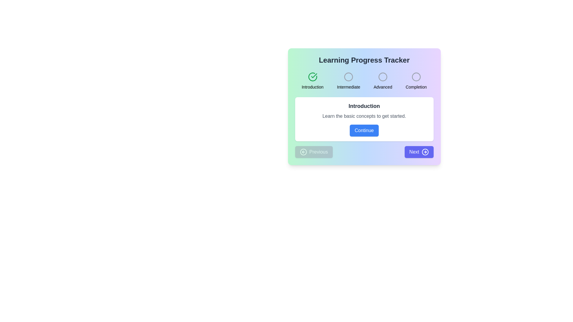 This screenshot has width=573, height=322. Describe the element at coordinates (416, 87) in the screenshot. I see `the static text label indicating the completion stage in the progress tracker, located at the top center area of the interface, directly below the circular icon` at that location.